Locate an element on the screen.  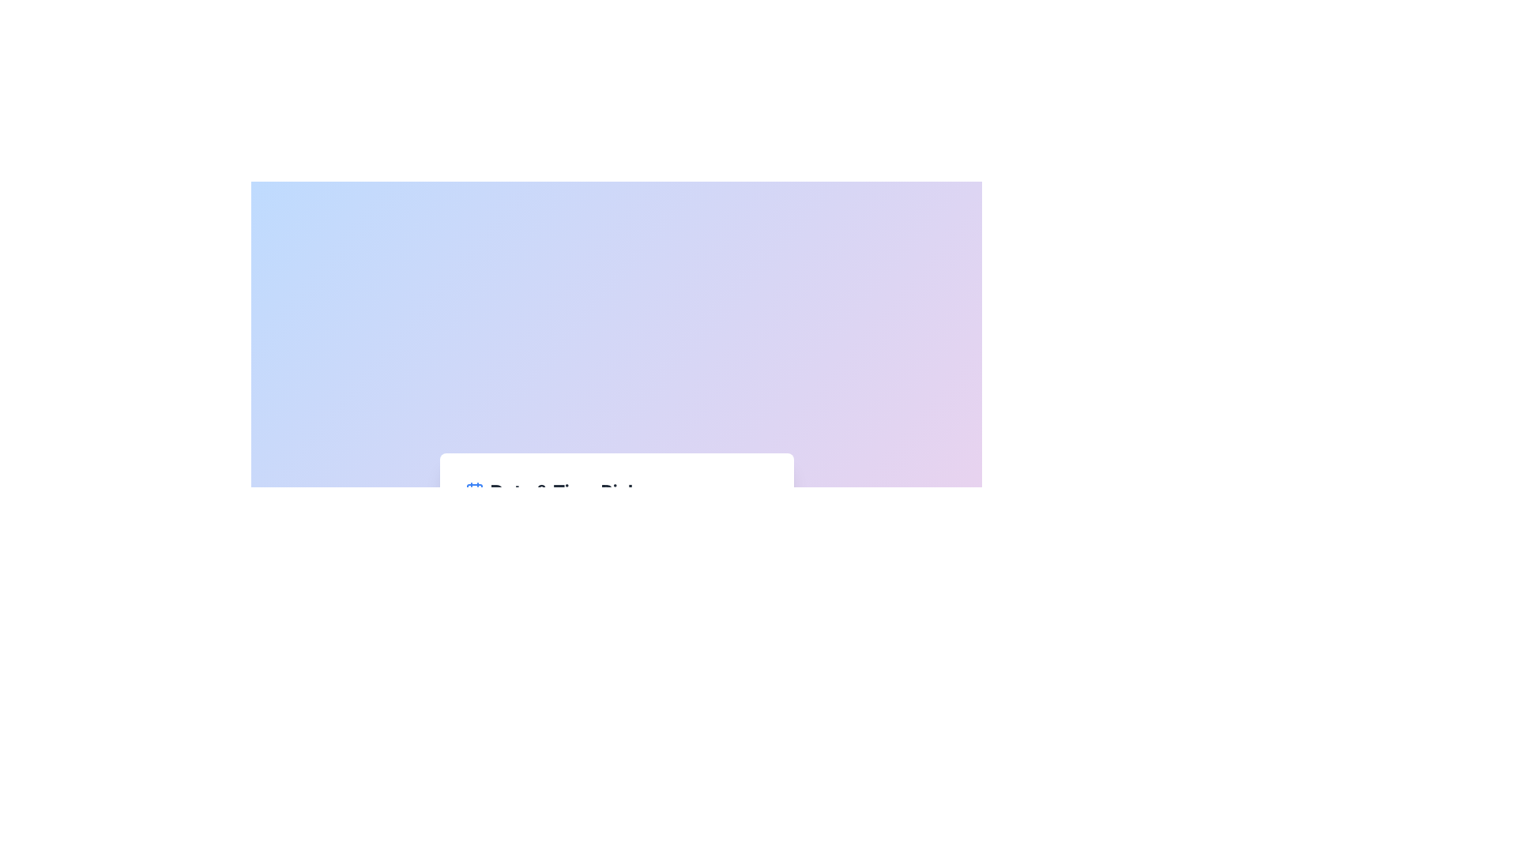
the calendar icon located in the 'Date & Time Picker' section, which is positioned immediately to the left of the 'Date & Time Picker' text label is located at coordinates (473, 490).